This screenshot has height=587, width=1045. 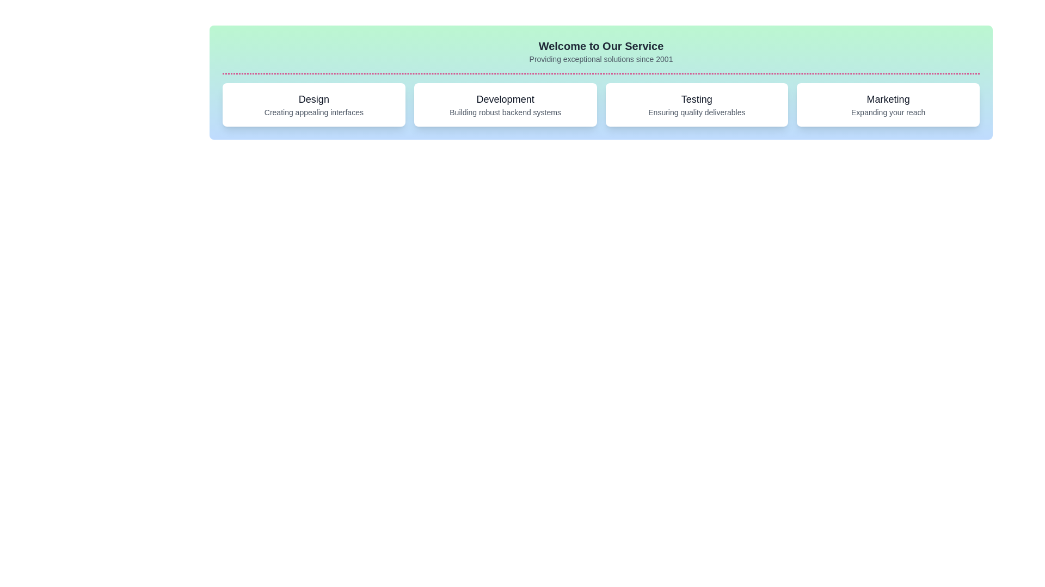 What do you see at coordinates (505, 113) in the screenshot?
I see `the text element displaying 'Building robust backend systems', which is styled with a smaller font size and gray text, located beneath the title 'Development' in the second card from the left` at bounding box center [505, 113].